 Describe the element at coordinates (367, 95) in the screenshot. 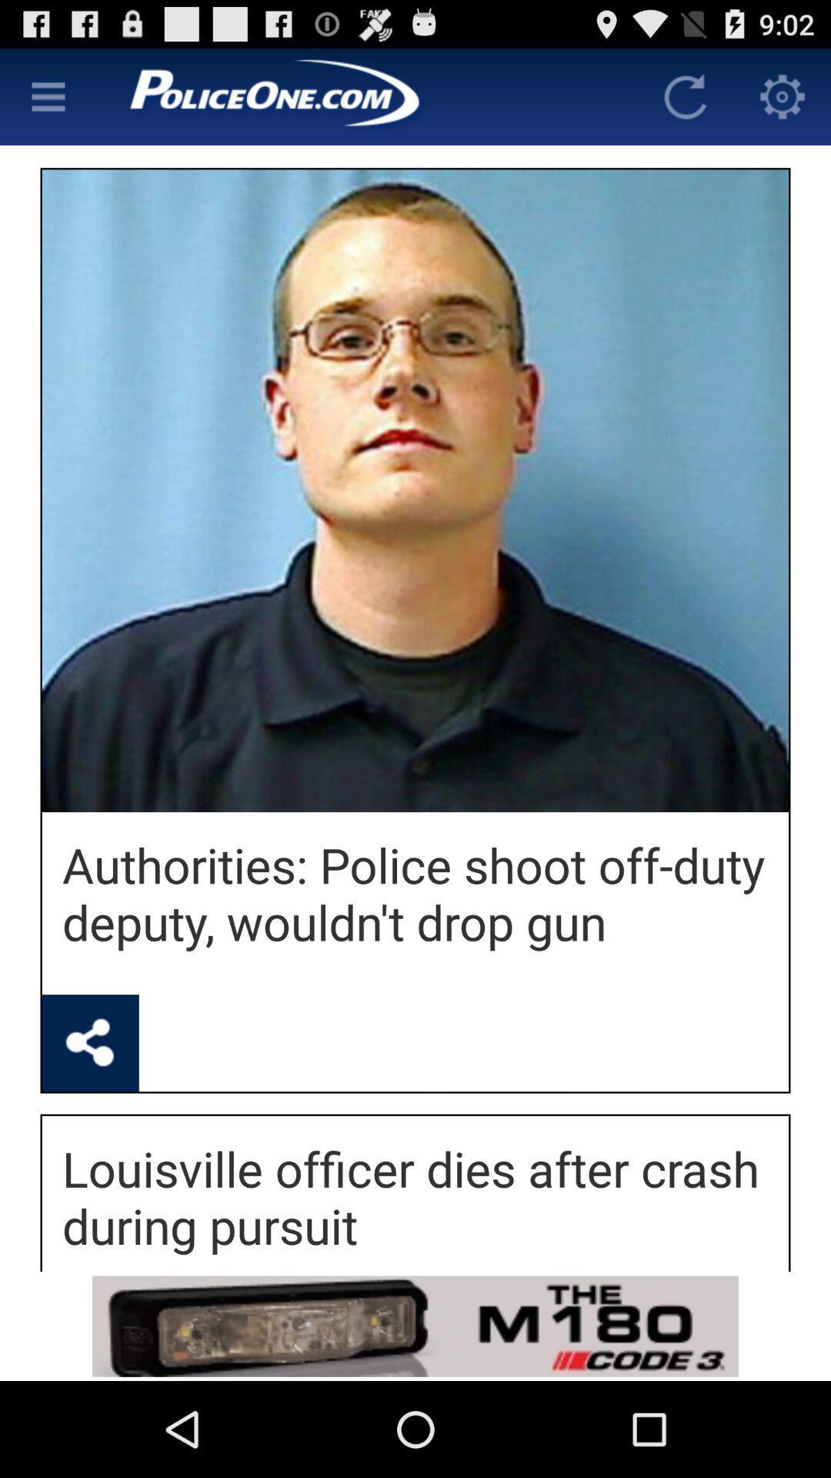

I see `autoplay option` at that location.